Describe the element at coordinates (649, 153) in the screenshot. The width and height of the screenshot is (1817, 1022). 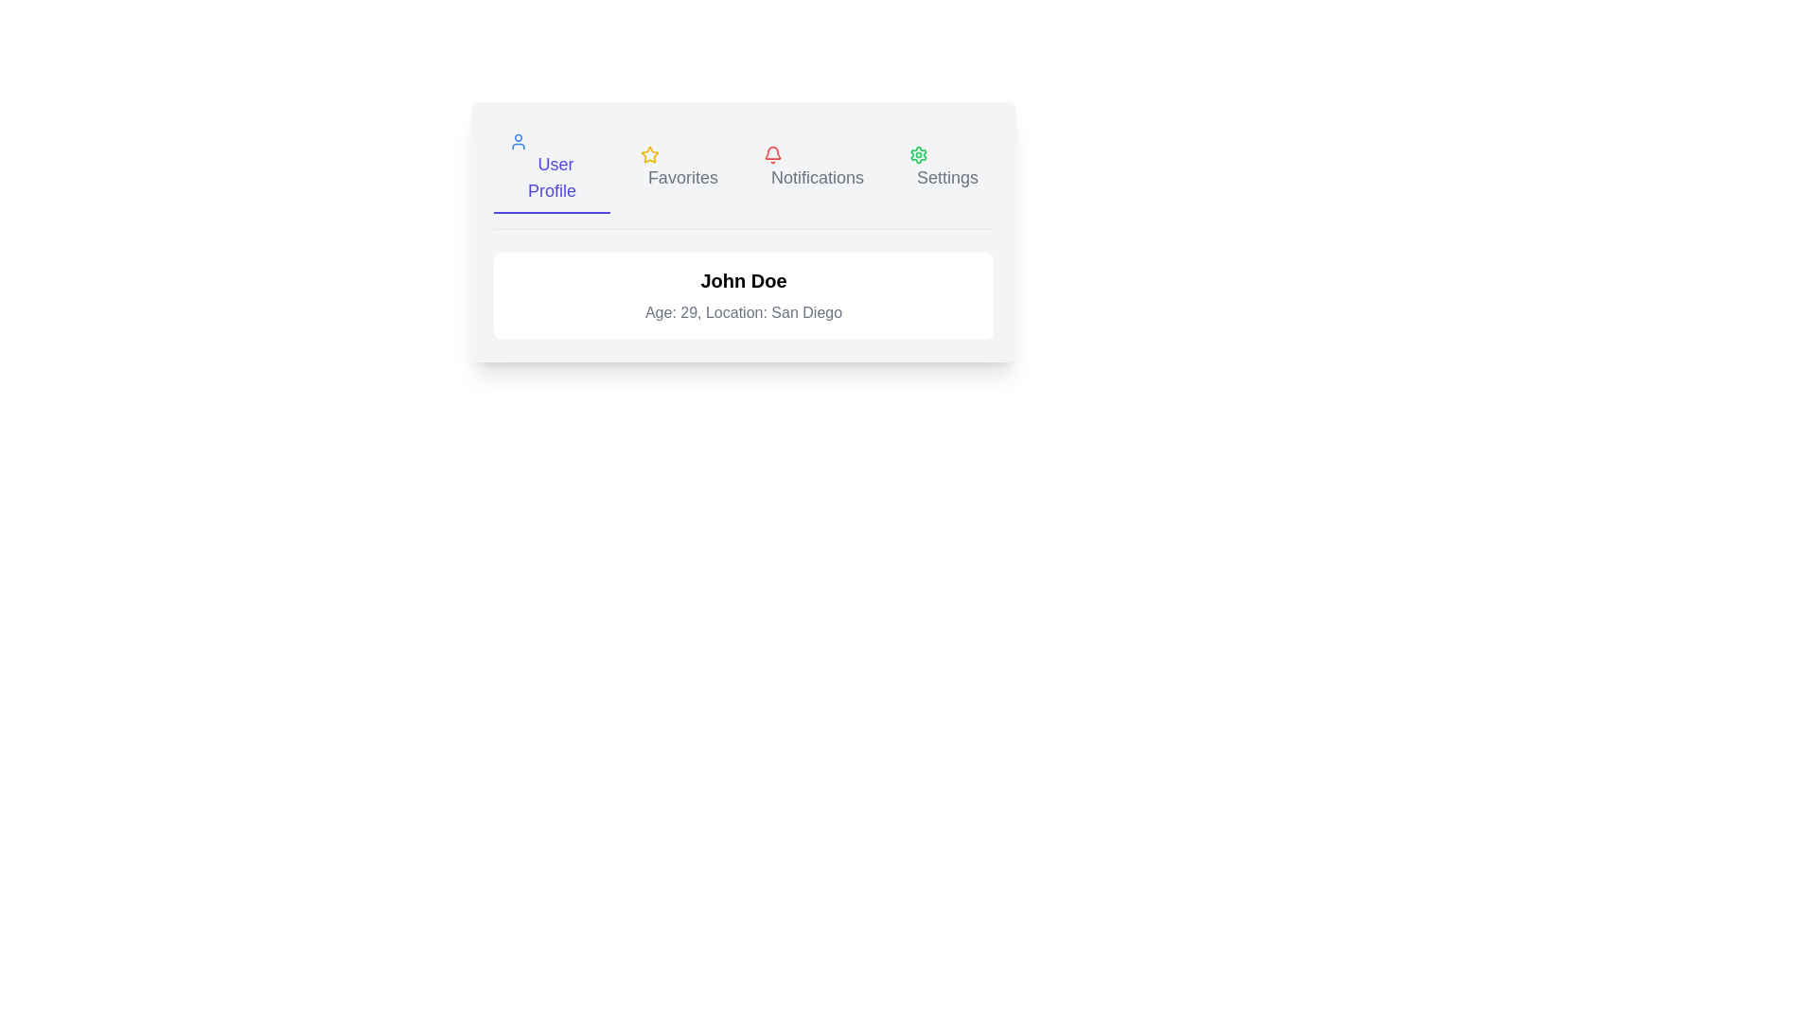
I see `the star icon in the navigation bar` at that location.